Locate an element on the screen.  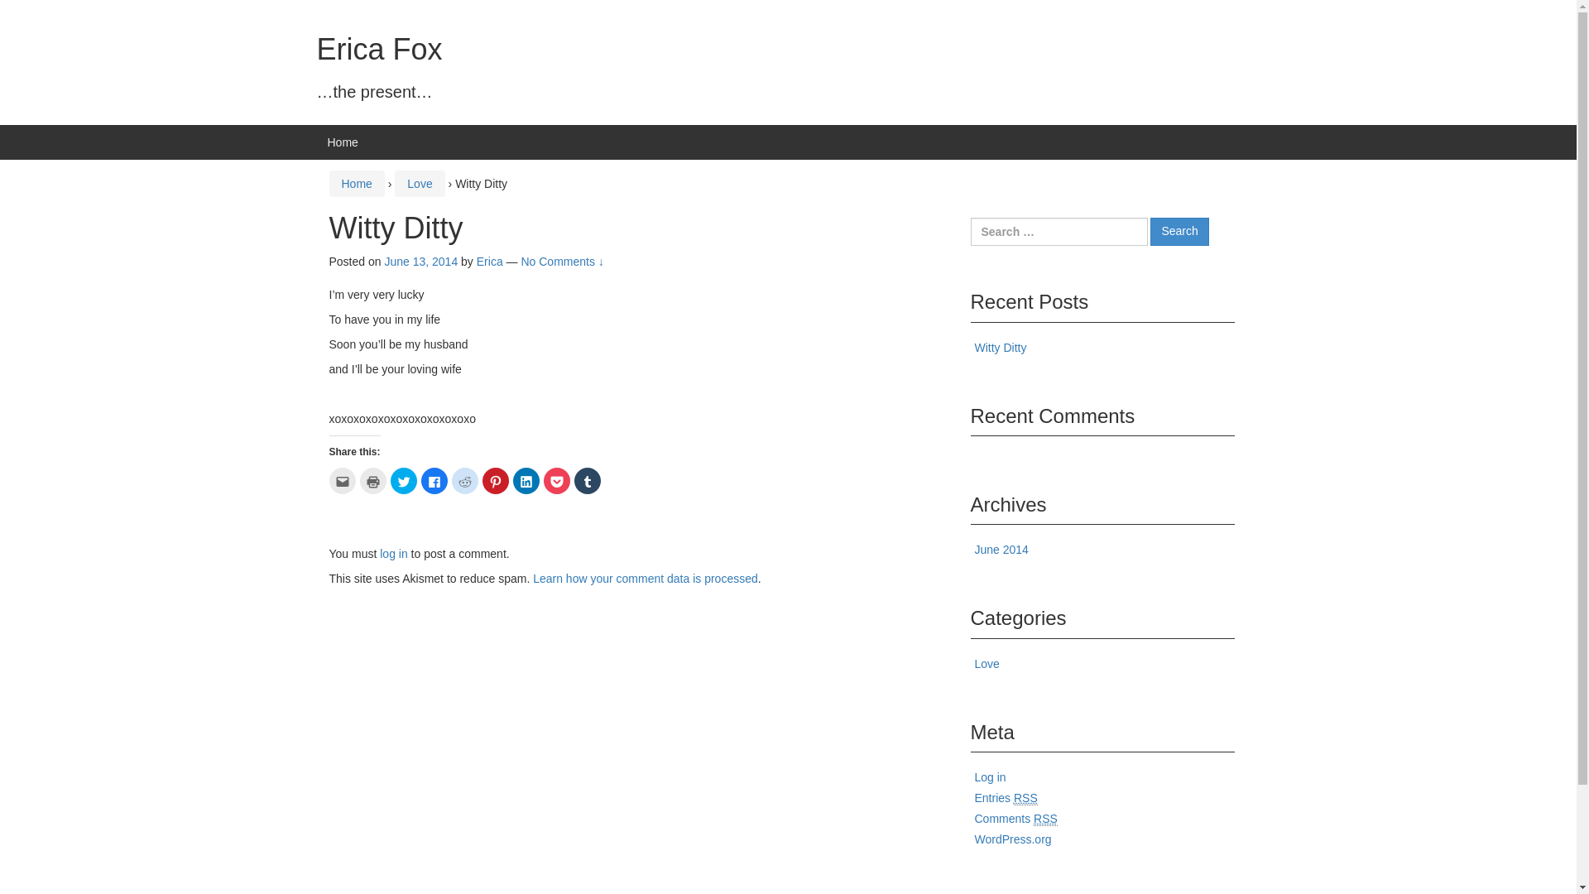
'June 2014' is located at coordinates (1001, 549).